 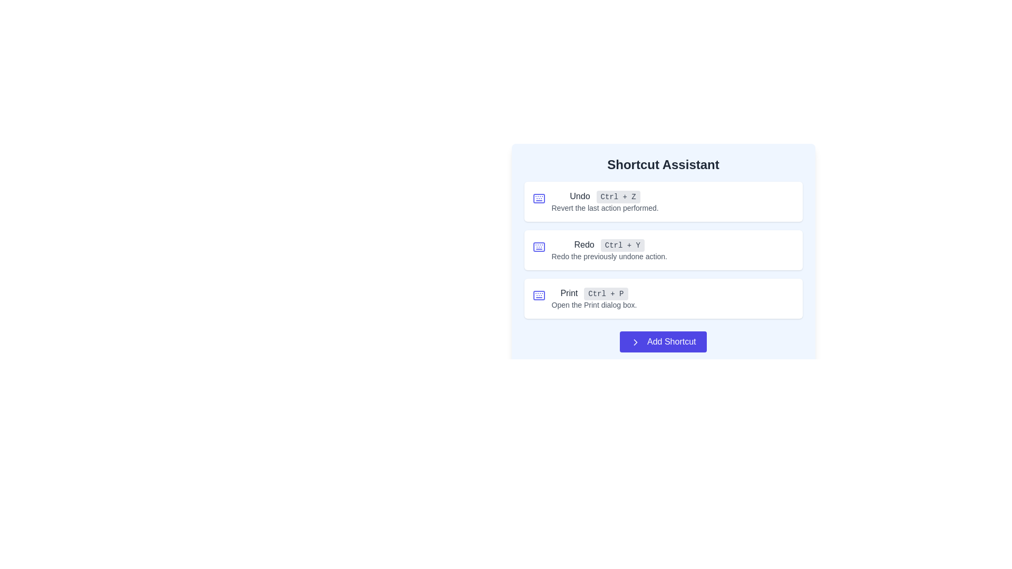 What do you see at coordinates (594, 299) in the screenshot?
I see `the 'Print' label which features a title in medium gray stating 'Print' and a description below it stating 'Open the Print dialog box.'` at bounding box center [594, 299].